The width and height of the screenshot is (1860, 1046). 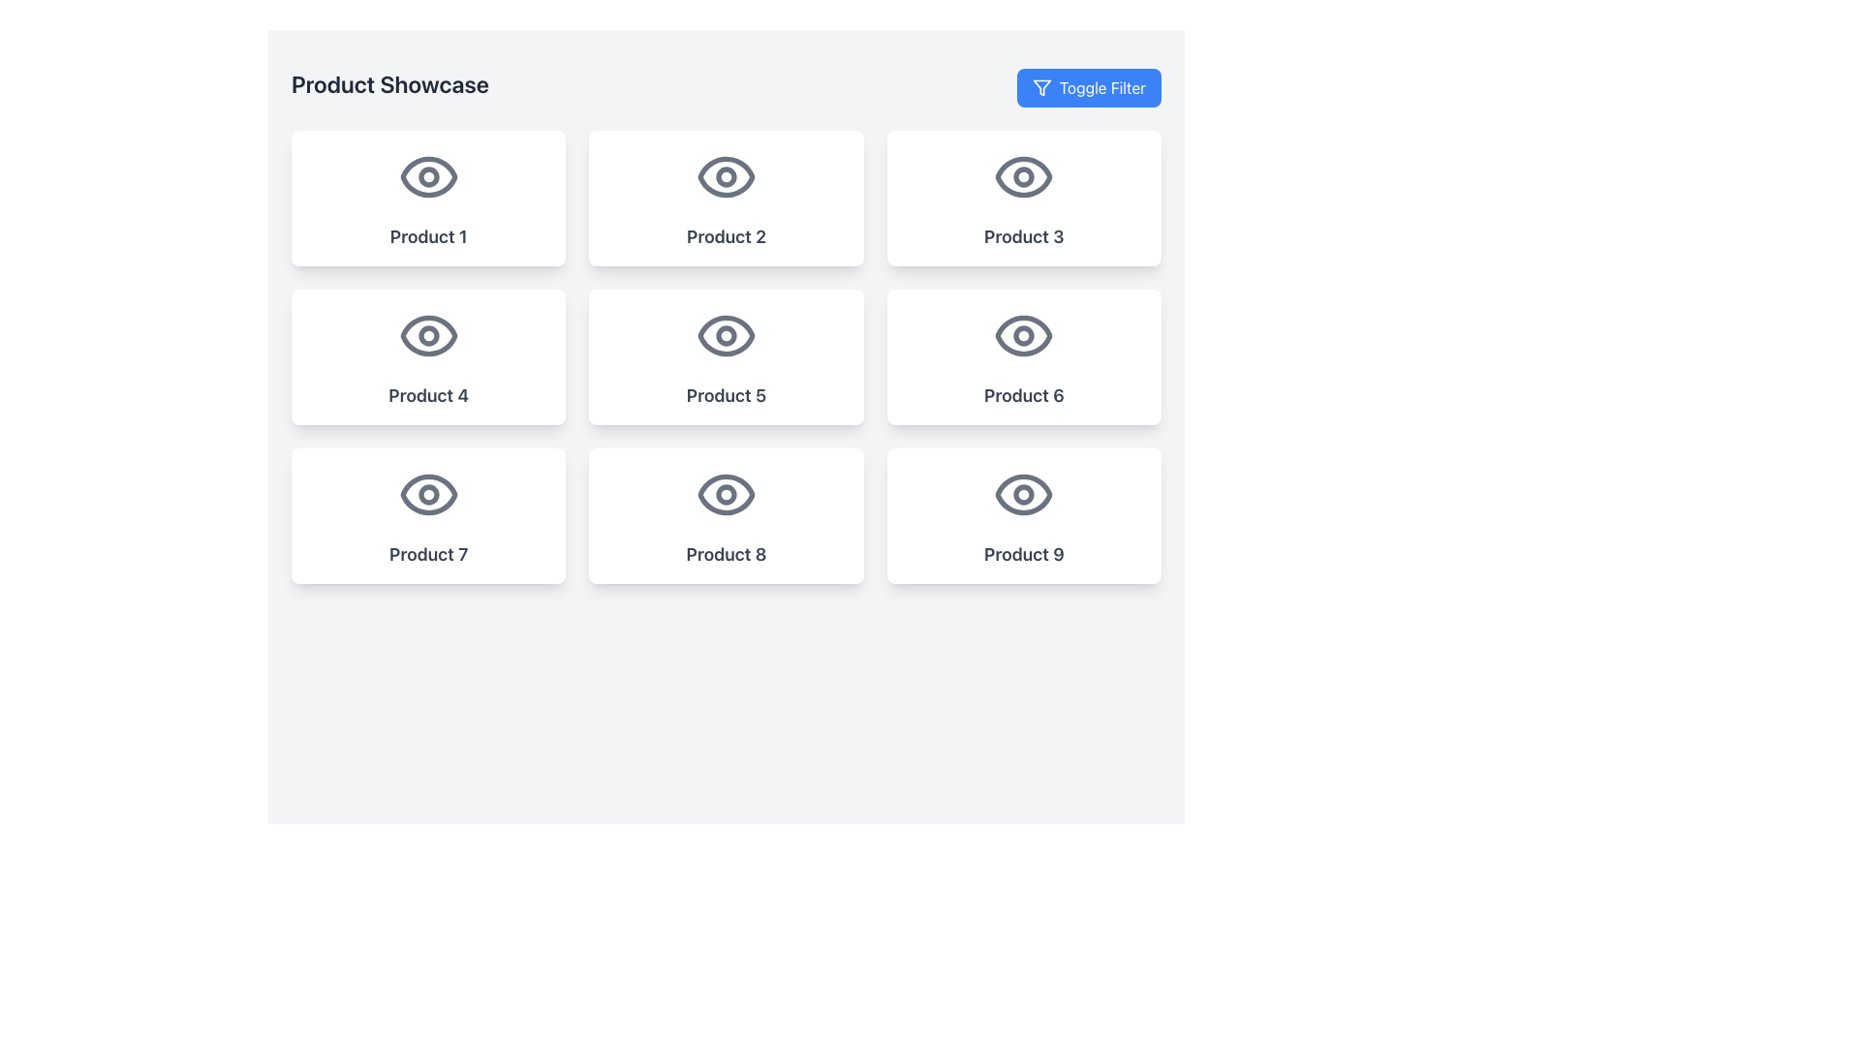 What do you see at coordinates (725, 335) in the screenshot?
I see `the eye icon prominently displayed in the middle grid item of the second row, labeled 'Product 5'` at bounding box center [725, 335].